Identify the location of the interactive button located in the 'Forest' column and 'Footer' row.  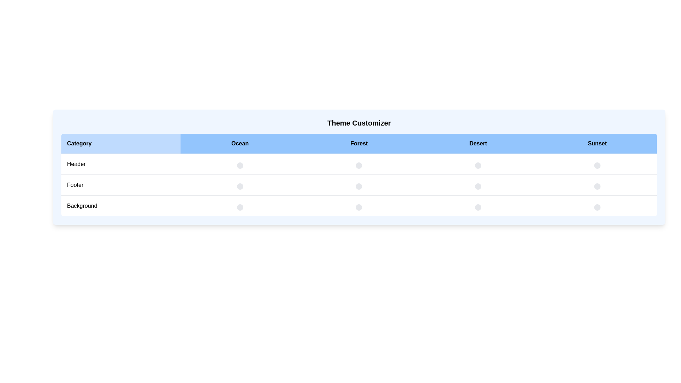
(359, 184).